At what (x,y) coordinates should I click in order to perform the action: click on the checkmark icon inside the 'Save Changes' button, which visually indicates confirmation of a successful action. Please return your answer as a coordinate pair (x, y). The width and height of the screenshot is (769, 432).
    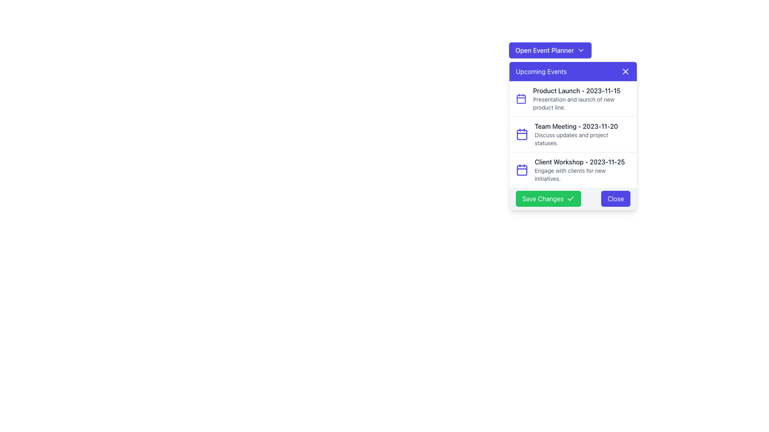
    Looking at the image, I should click on (570, 198).